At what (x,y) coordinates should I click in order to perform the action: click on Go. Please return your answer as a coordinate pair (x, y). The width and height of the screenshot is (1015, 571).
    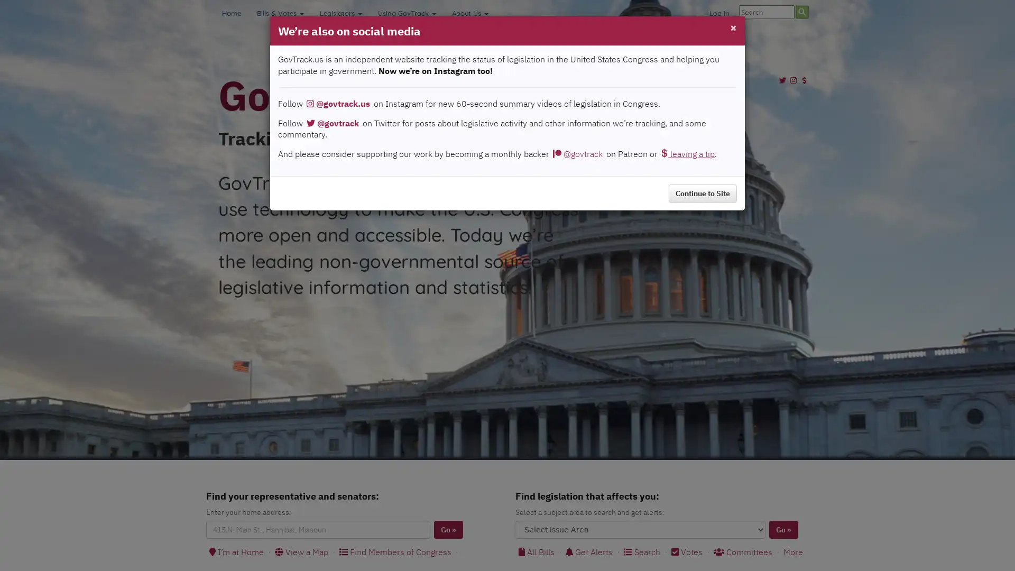
    Looking at the image, I should click on (448, 529).